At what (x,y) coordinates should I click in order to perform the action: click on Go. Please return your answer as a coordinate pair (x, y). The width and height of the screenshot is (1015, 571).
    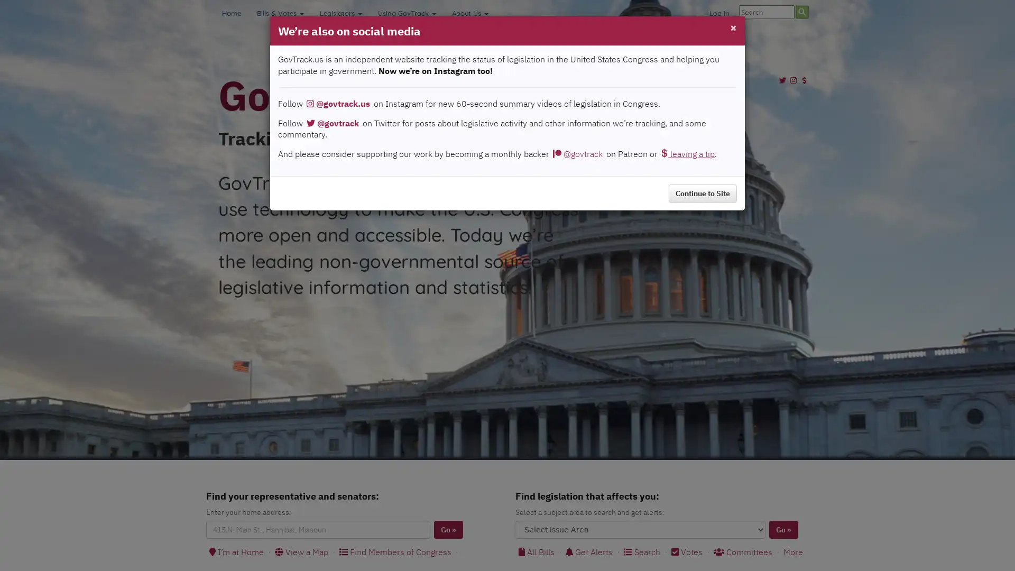
    Looking at the image, I should click on (448, 529).